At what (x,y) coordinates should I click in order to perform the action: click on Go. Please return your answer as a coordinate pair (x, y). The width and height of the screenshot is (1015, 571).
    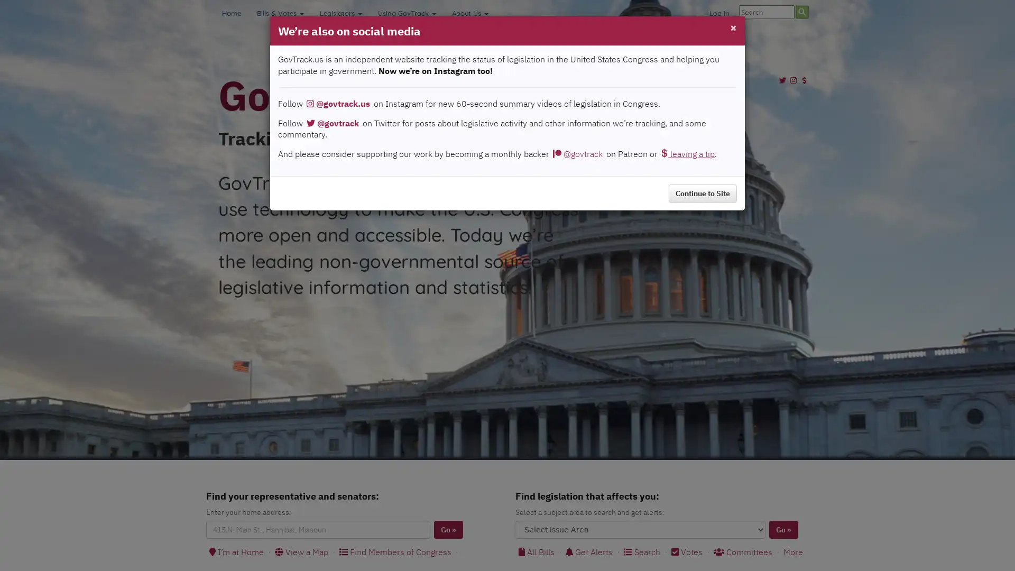
    Looking at the image, I should click on (448, 529).